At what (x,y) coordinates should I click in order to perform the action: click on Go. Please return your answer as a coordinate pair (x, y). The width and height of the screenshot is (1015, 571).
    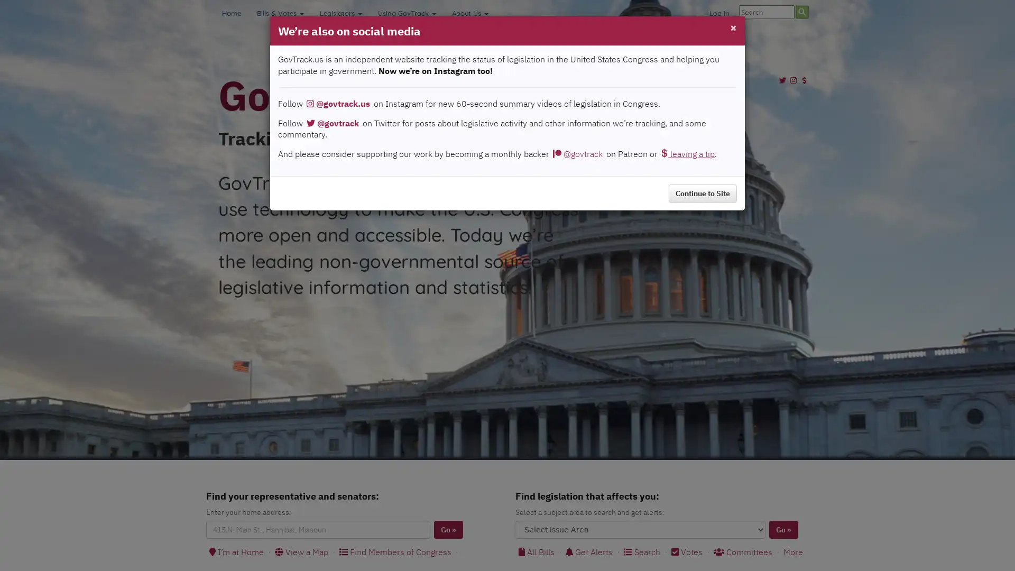
    Looking at the image, I should click on (448, 529).